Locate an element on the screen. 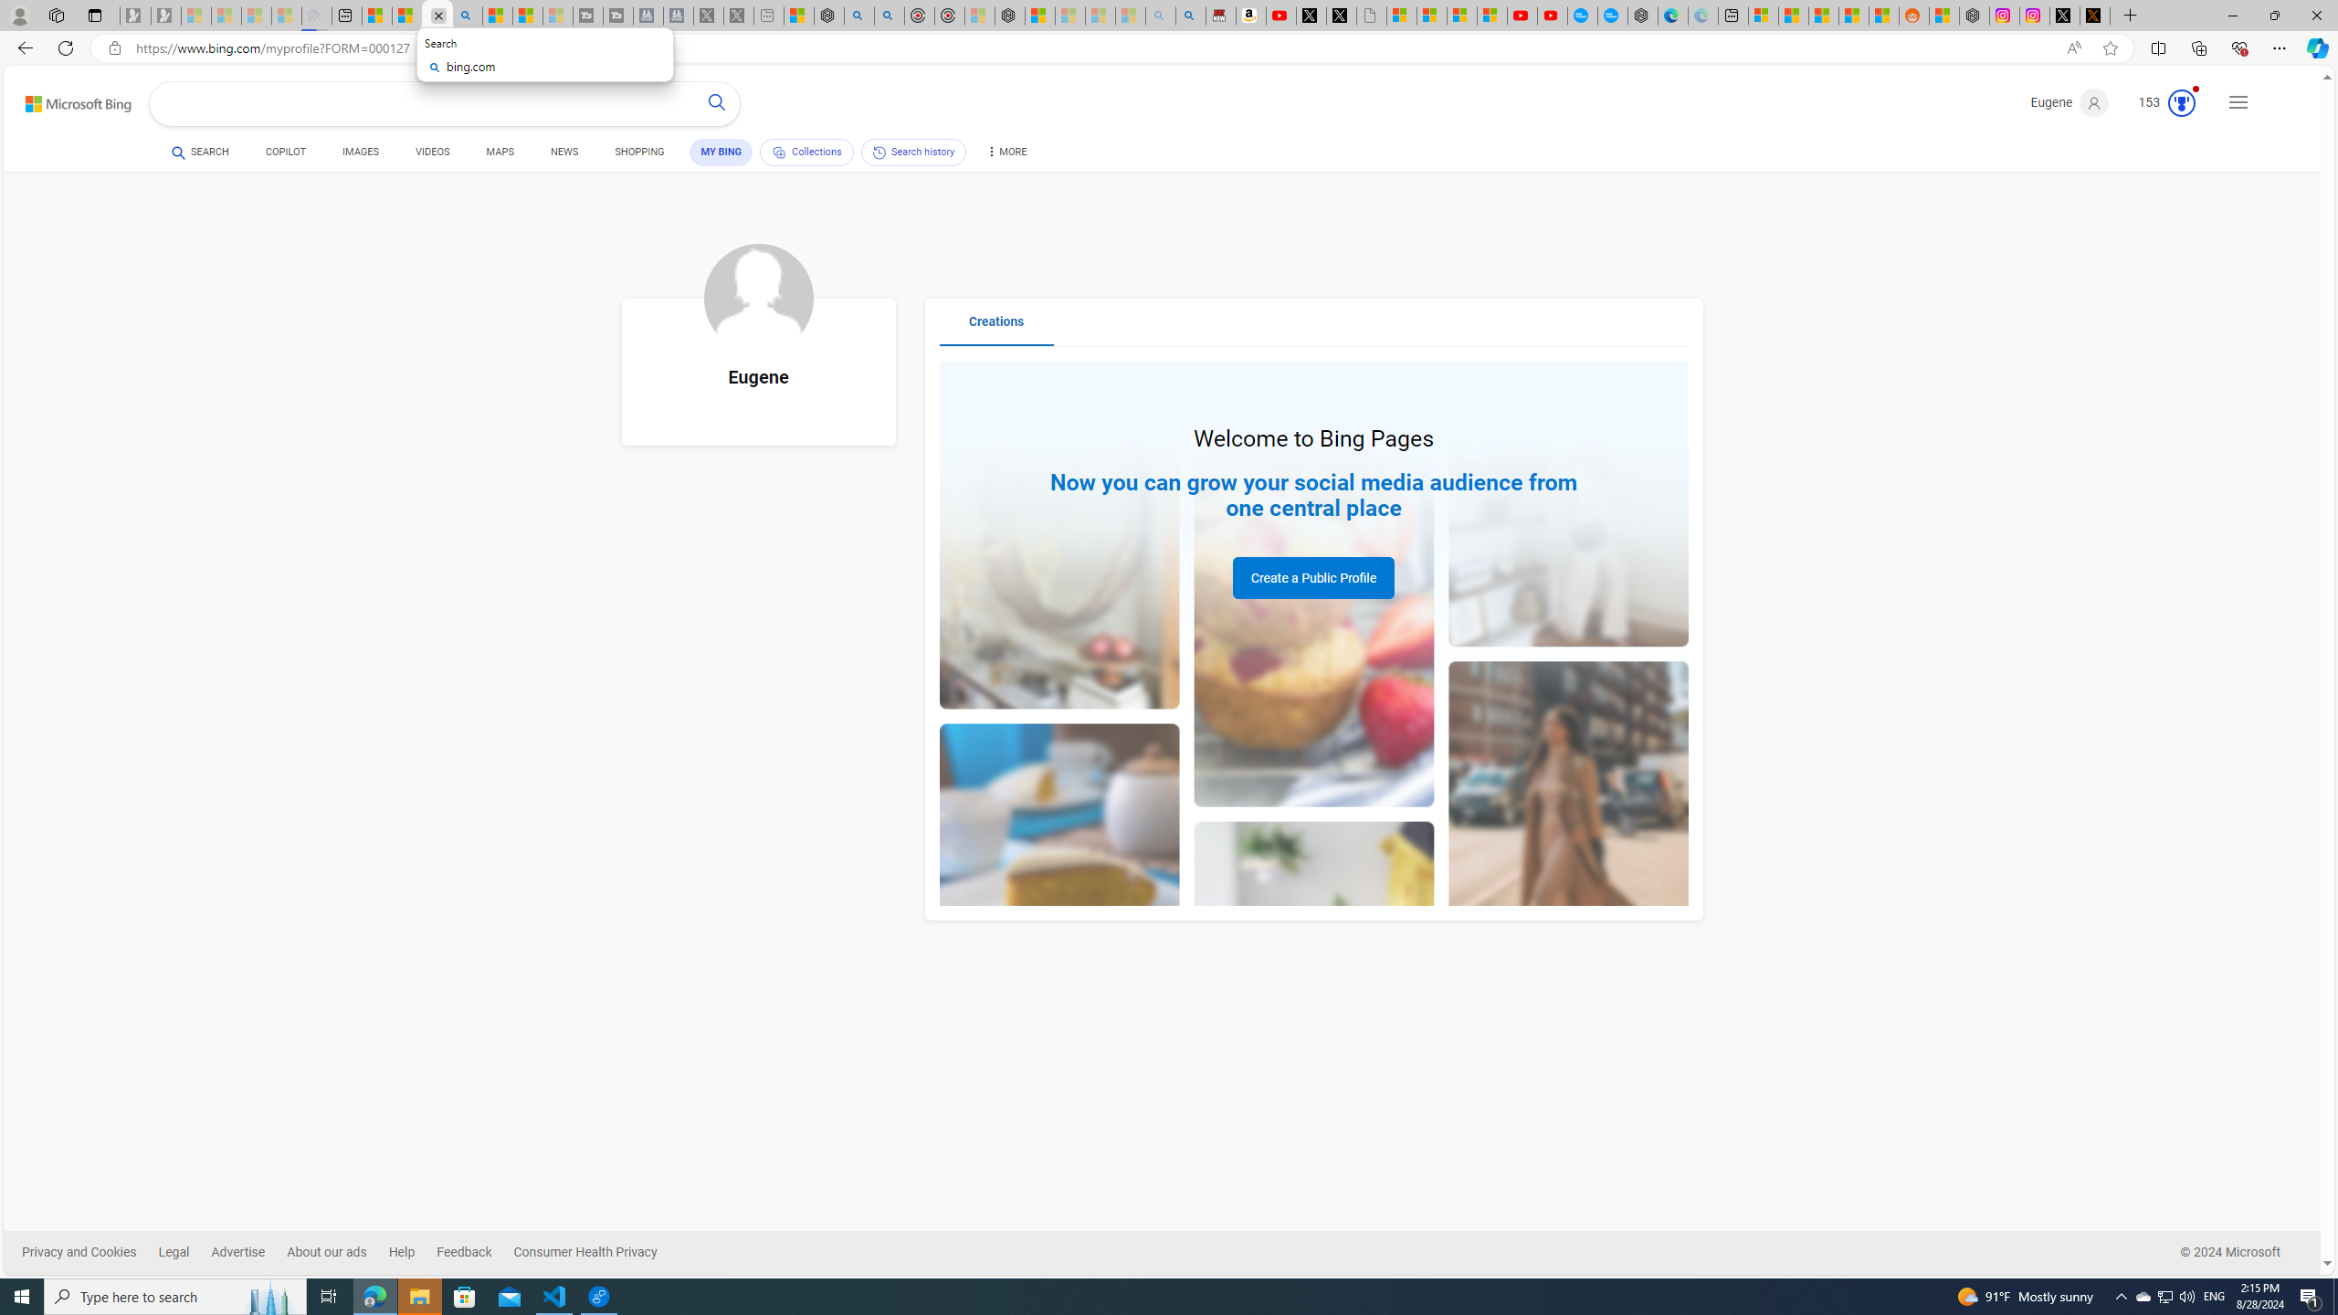  'Consumer Health Privacy' is located at coordinates (584, 1252).